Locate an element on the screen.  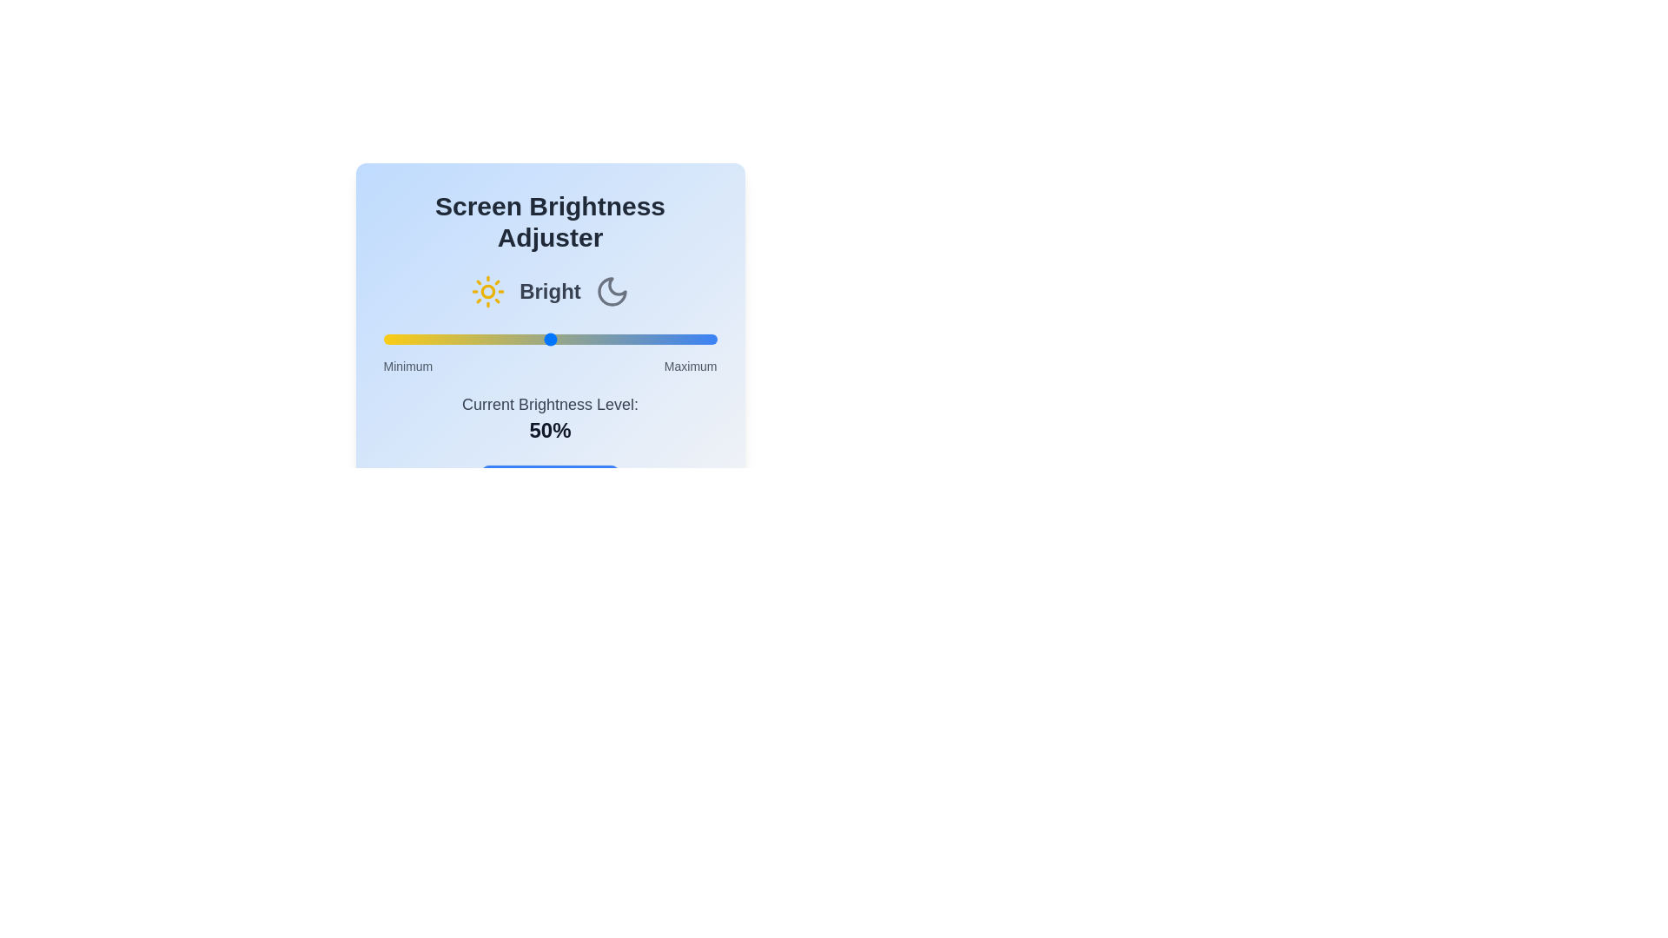
the Sun icon to interact with it is located at coordinates (487, 290).